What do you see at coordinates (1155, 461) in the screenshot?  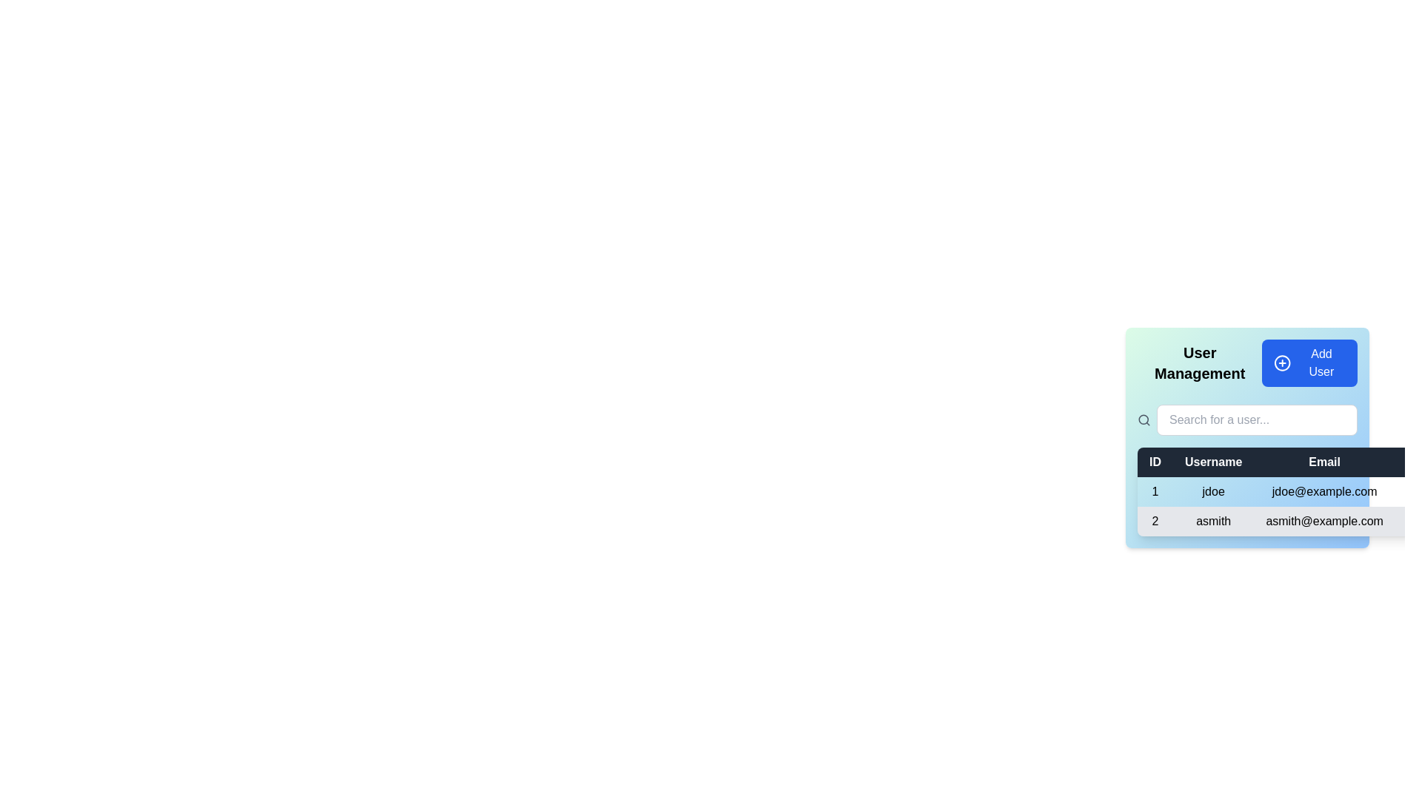 I see `the 'ID' text label in the header section of the table layout, which is styled with a darker background and white text, and is the first item in the header row` at bounding box center [1155, 461].